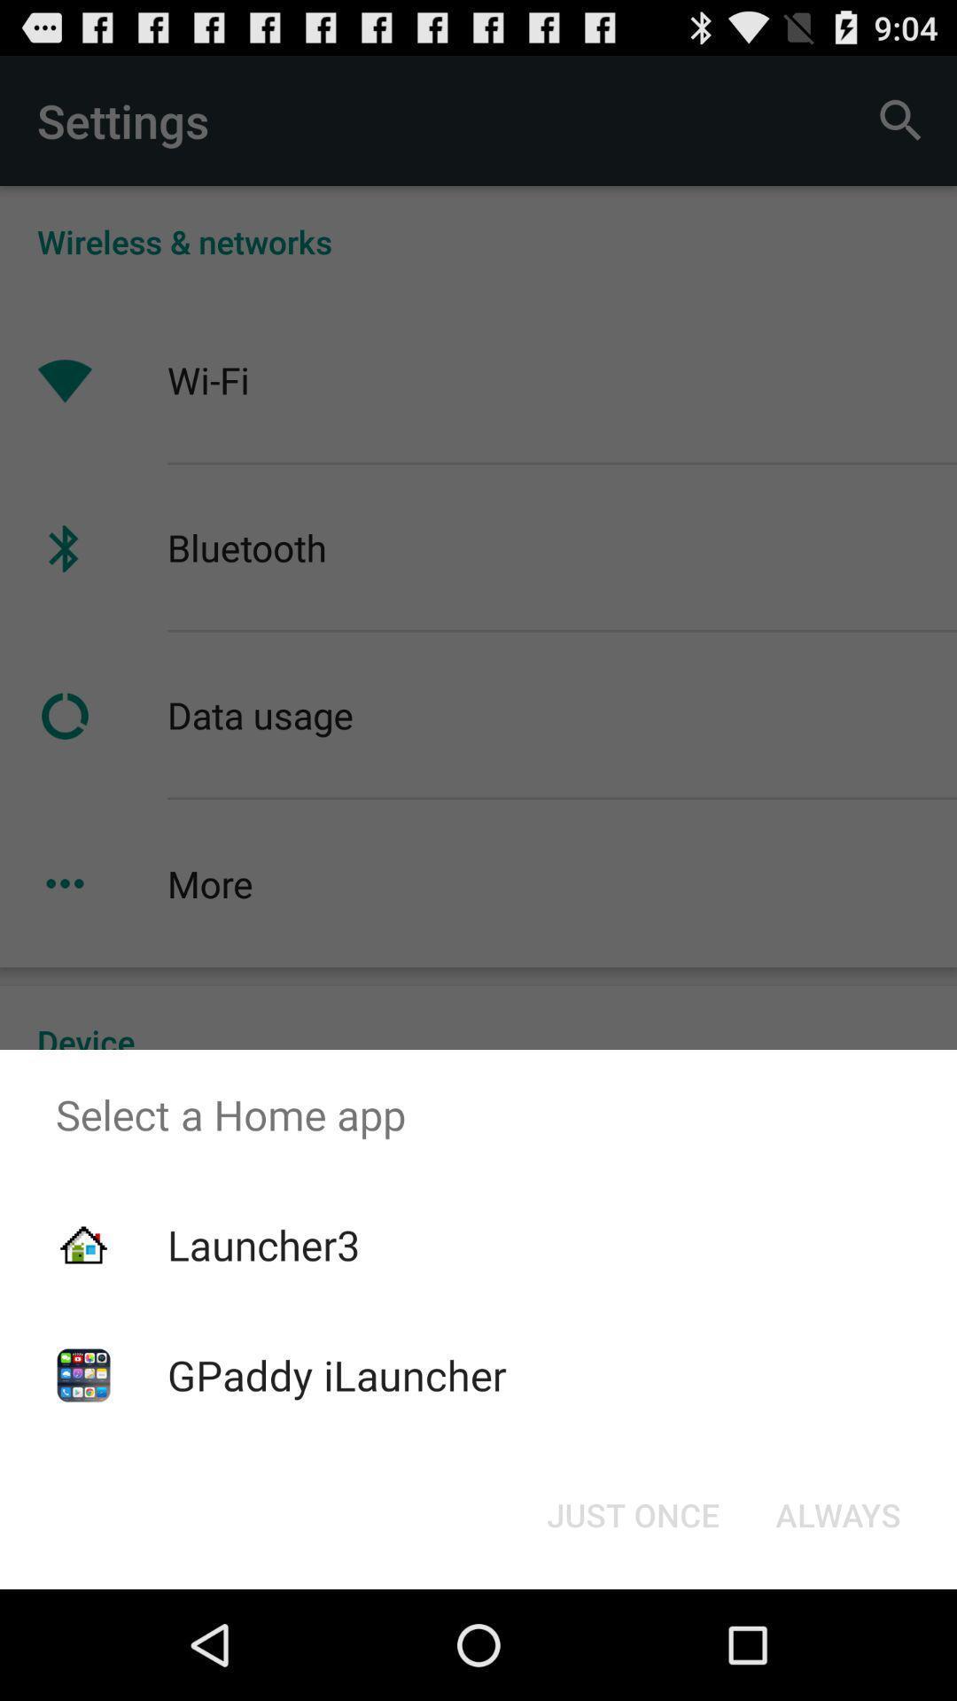 The width and height of the screenshot is (957, 1701). I want to click on app below select a home, so click(632, 1513).